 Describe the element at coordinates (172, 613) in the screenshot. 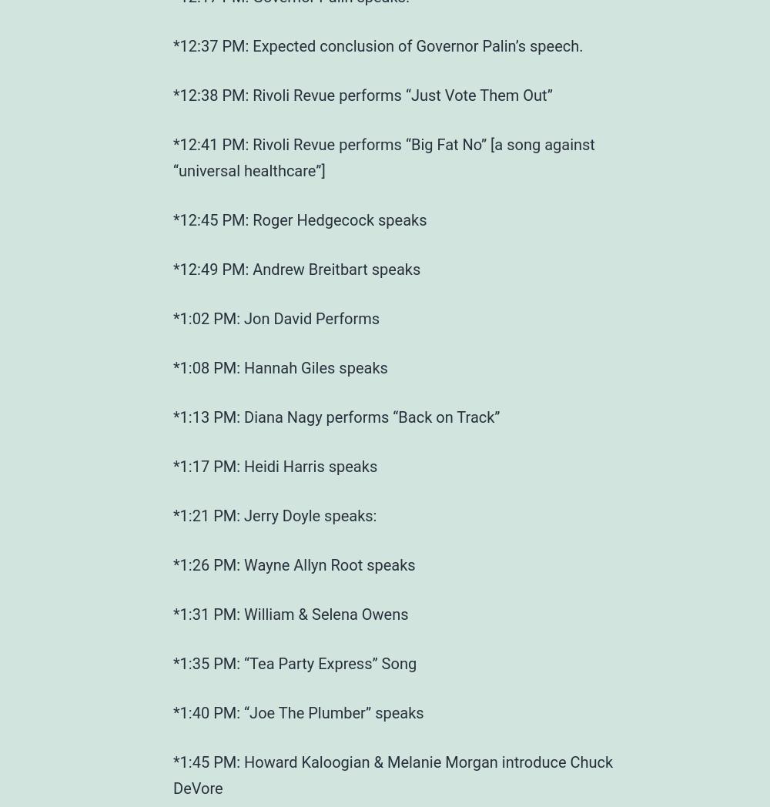

I see `'*1:31 PM: William & Selena Owens'` at that location.